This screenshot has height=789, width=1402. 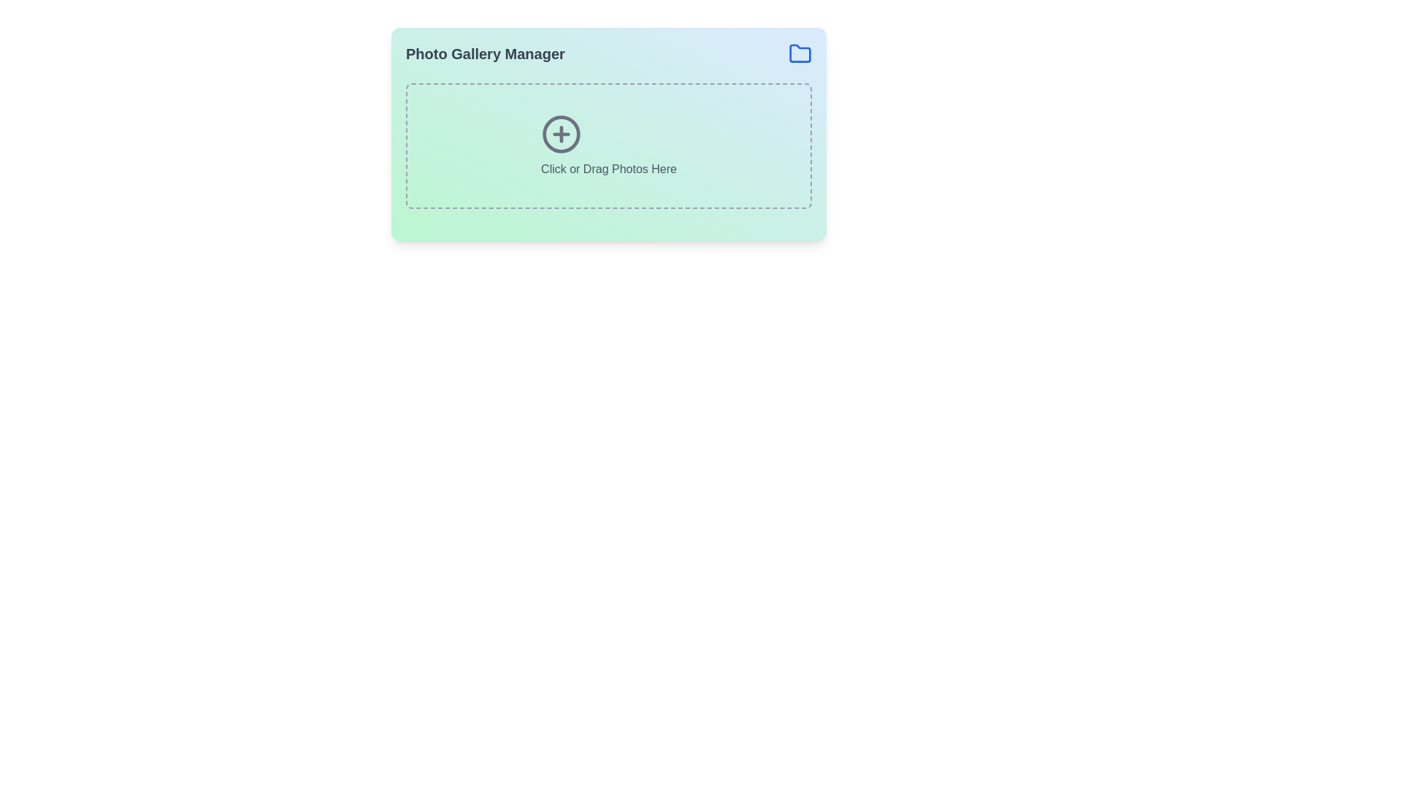 I want to click on the circular icon button with a plus sign in its center, so click(x=561, y=134).